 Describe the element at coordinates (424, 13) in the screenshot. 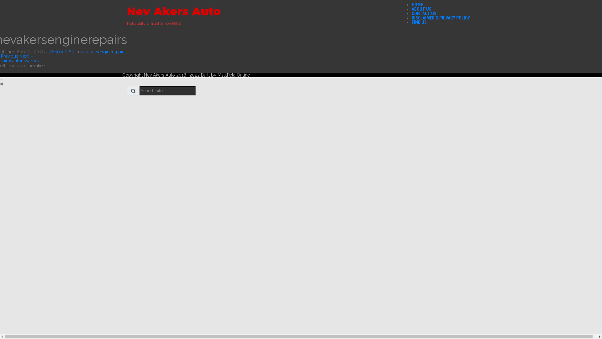

I see `'CONTACT US'` at that location.